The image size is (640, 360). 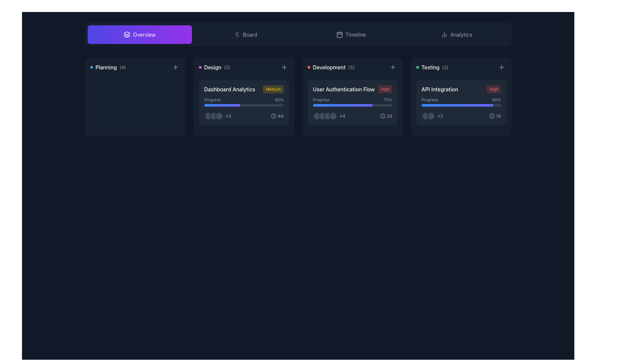 What do you see at coordinates (425, 115) in the screenshot?
I see `the rounded icon with gradient styling and a black border located in the bottom-left area of the 'API Integration' card under the 'Testing' column` at bounding box center [425, 115].